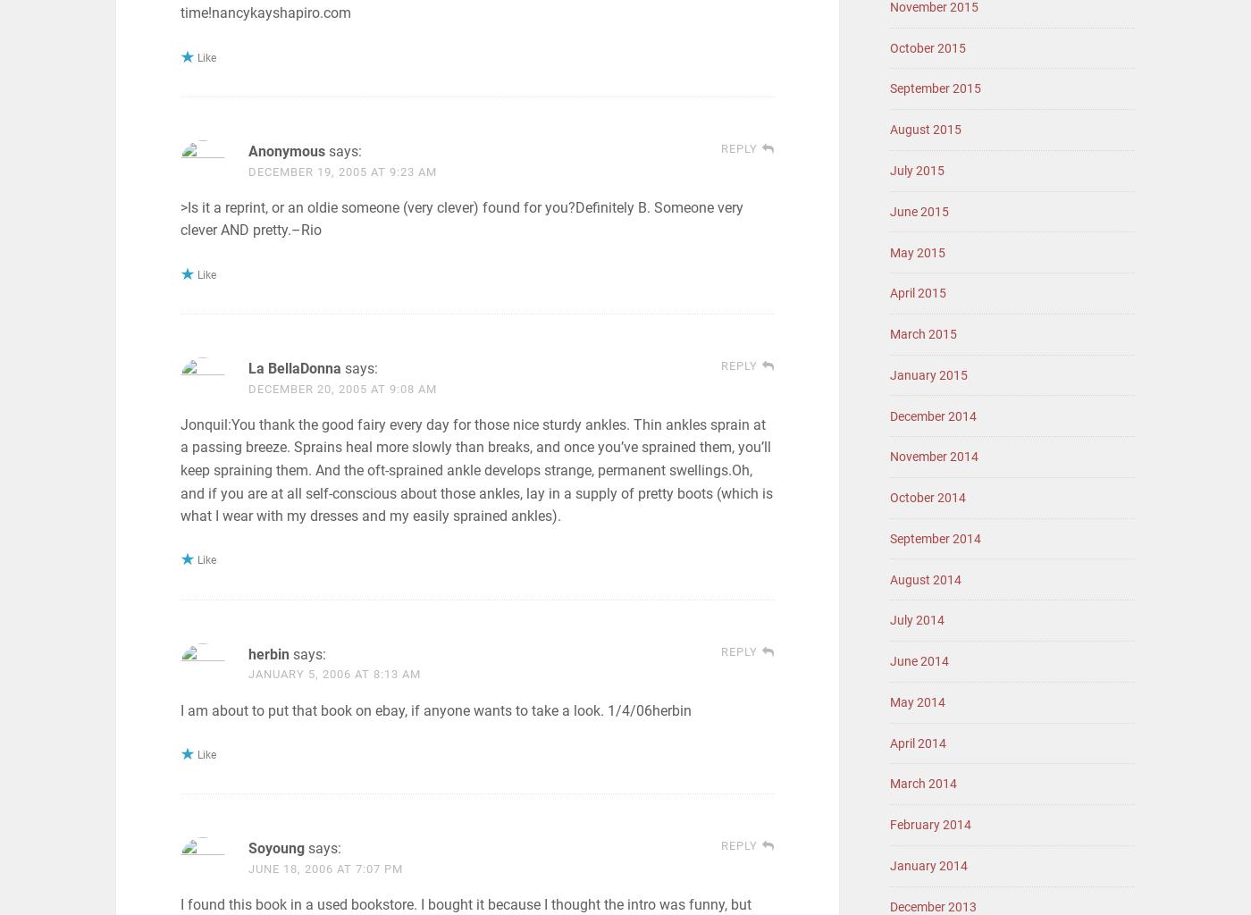 This screenshot has width=1251, height=915. I want to click on 'March 2014', so click(923, 783).